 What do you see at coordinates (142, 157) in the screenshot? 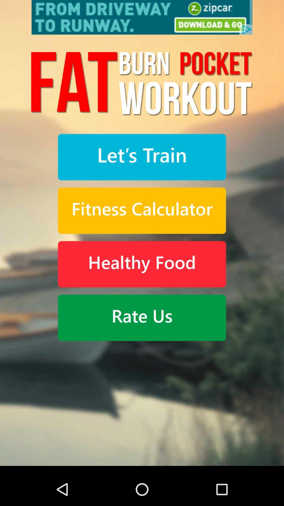
I see `the button was made to start training` at bounding box center [142, 157].